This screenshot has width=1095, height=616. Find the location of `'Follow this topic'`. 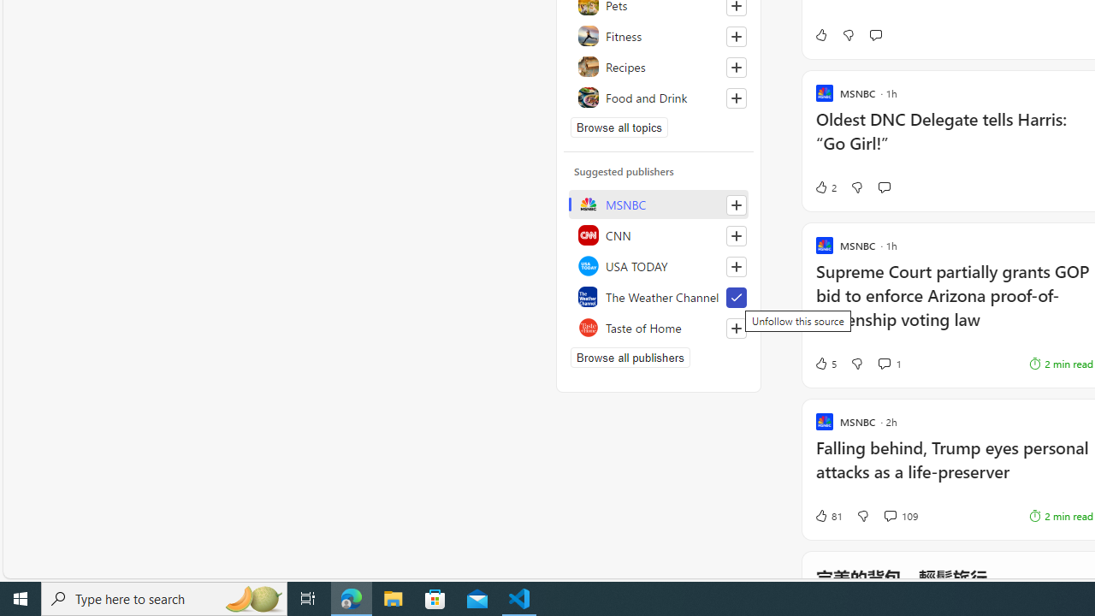

'Follow this topic' is located at coordinates (736, 98).